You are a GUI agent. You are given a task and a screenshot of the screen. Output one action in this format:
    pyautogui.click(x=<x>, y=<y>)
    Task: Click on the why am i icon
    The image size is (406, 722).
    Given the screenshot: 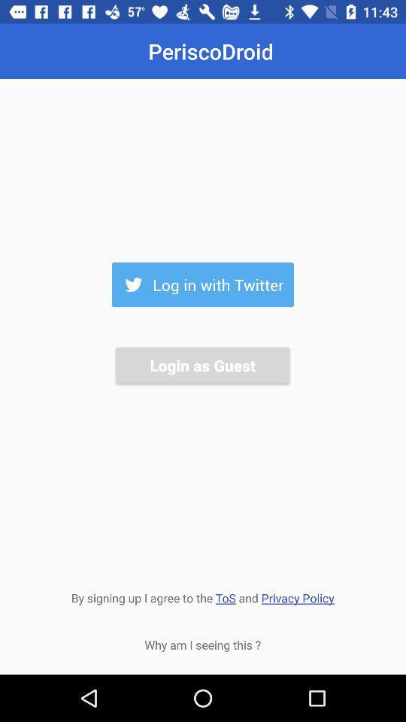 What is the action you would take?
    pyautogui.click(x=202, y=644)
    